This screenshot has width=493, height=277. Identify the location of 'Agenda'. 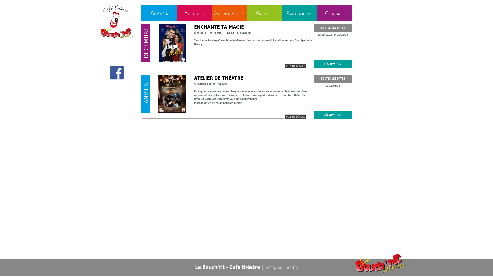
(159, 13).